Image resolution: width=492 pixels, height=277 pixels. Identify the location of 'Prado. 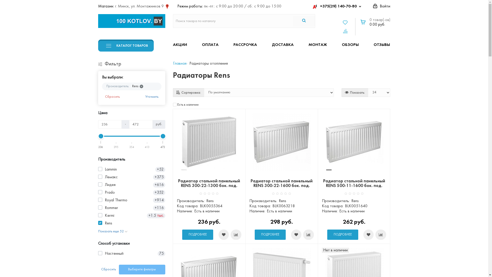
(131, 193).